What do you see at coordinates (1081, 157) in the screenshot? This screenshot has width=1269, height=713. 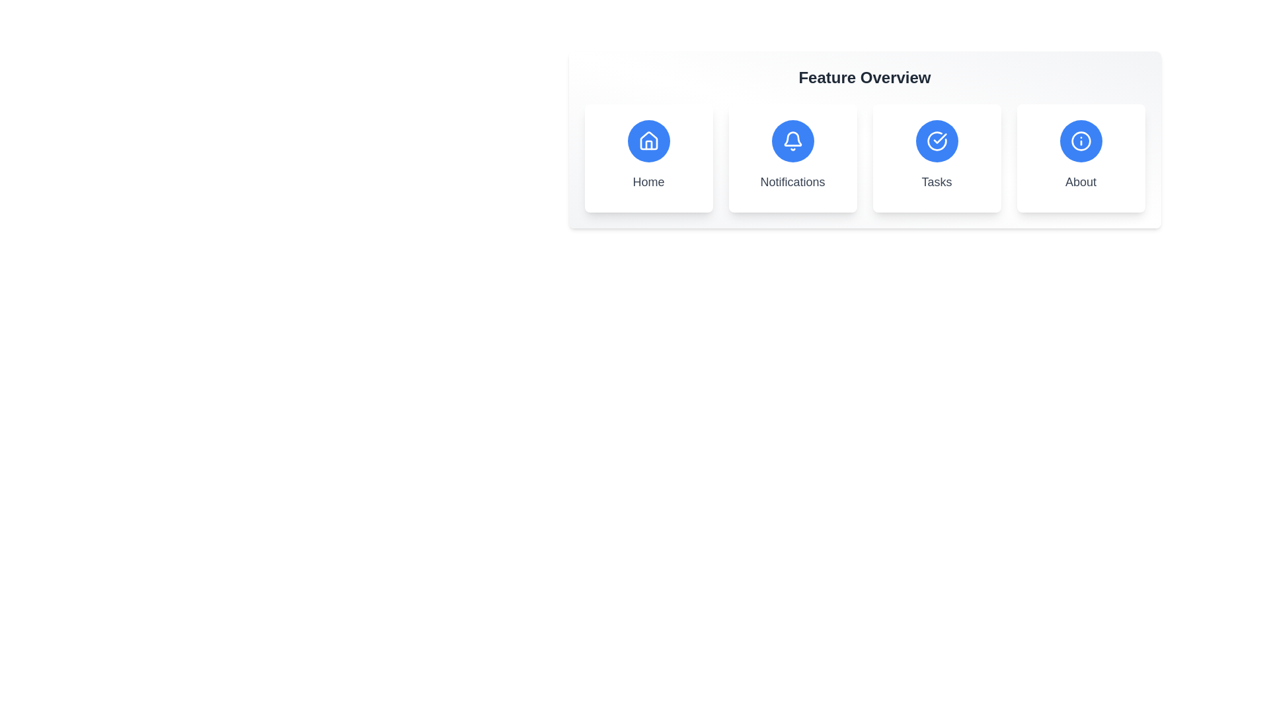 I see `the fourth card in the horizontally aligned grid` at bounding box center [1081, 157].